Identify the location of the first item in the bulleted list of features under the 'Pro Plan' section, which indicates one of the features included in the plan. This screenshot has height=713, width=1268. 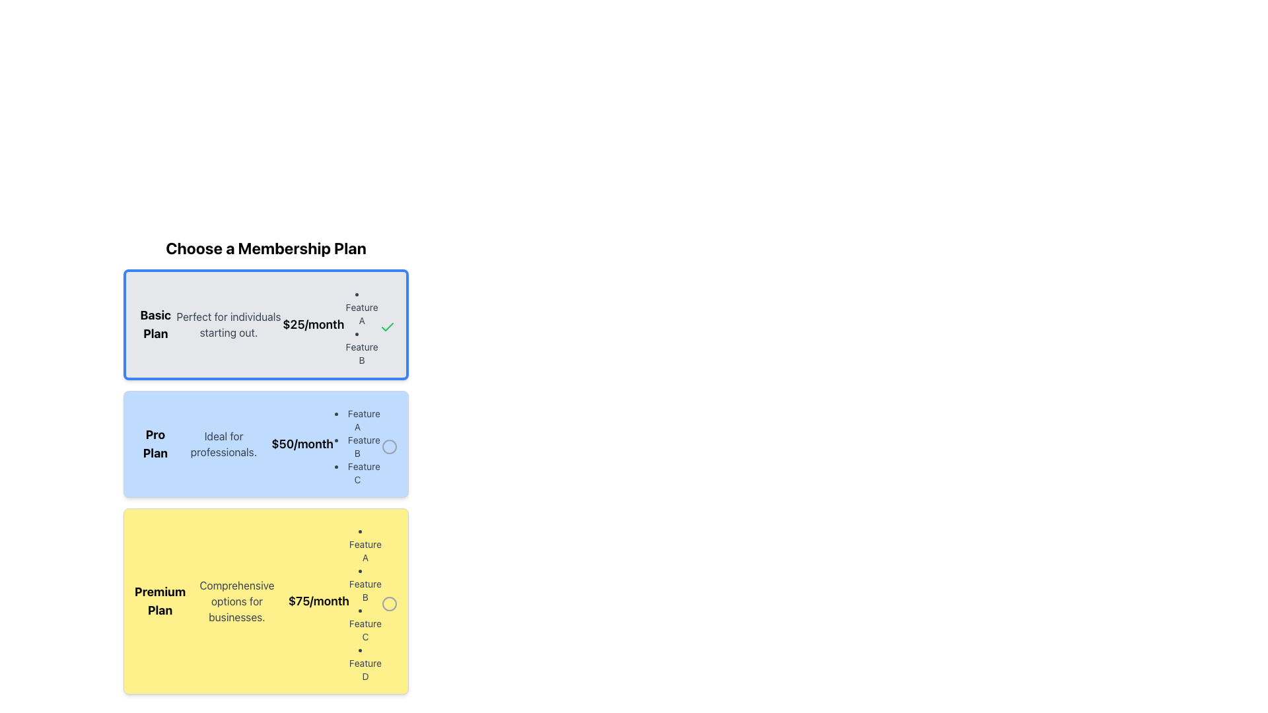
(357, 420).